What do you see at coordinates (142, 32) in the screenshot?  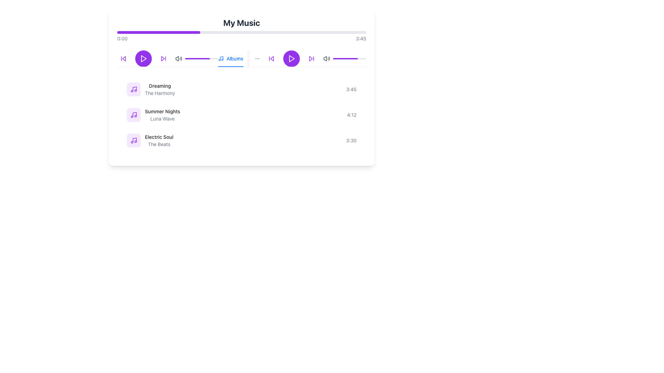 I see `the media progress` at bounding box center [142, 32].